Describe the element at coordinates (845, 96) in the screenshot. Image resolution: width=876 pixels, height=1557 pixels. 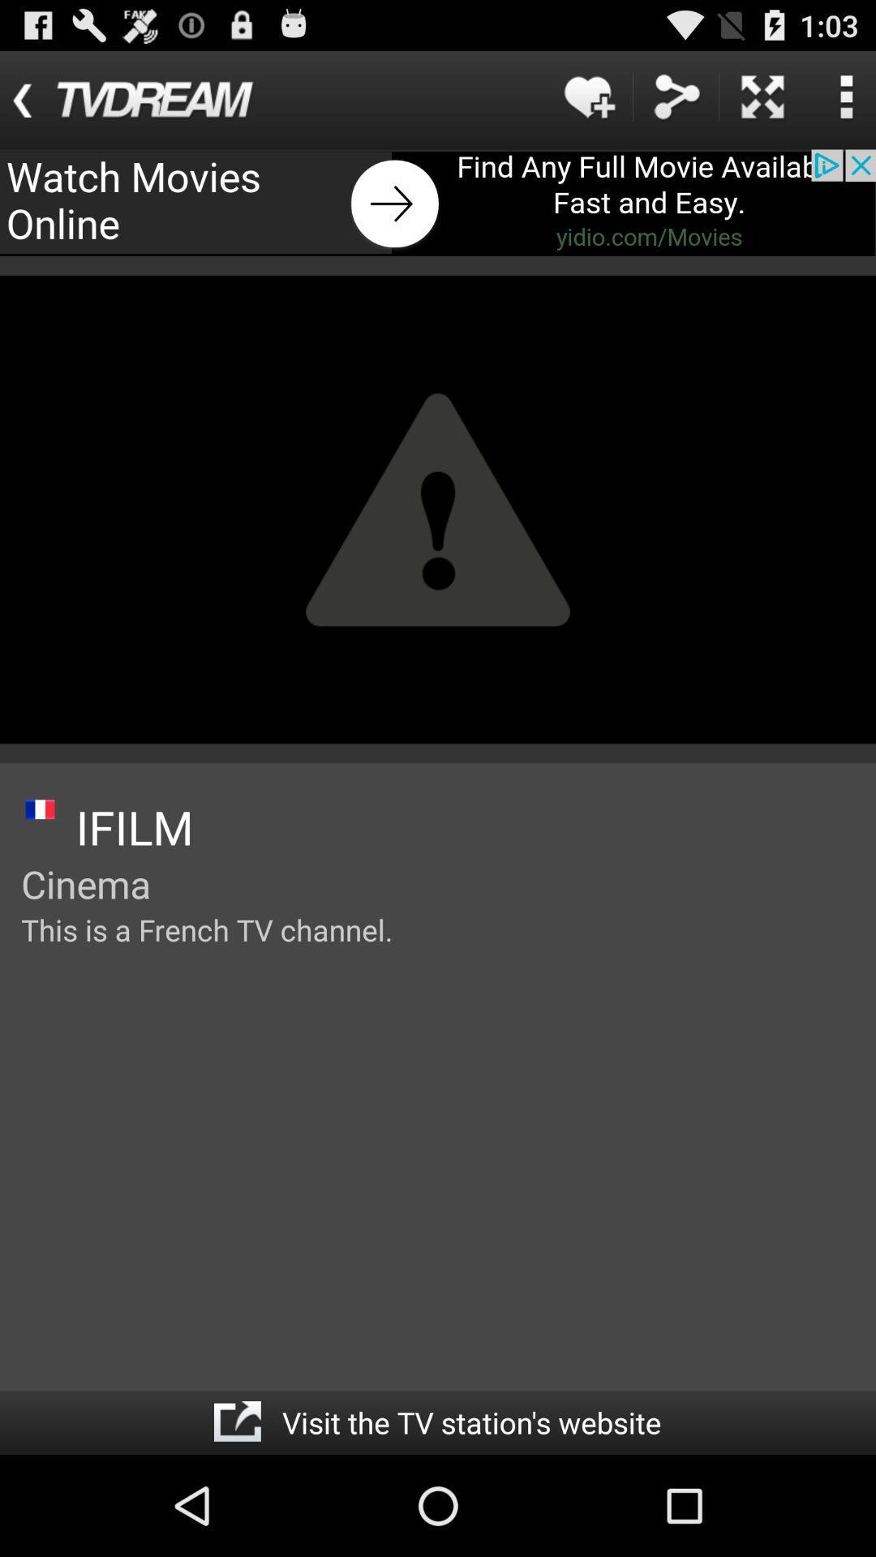
I see `the options` at that location.